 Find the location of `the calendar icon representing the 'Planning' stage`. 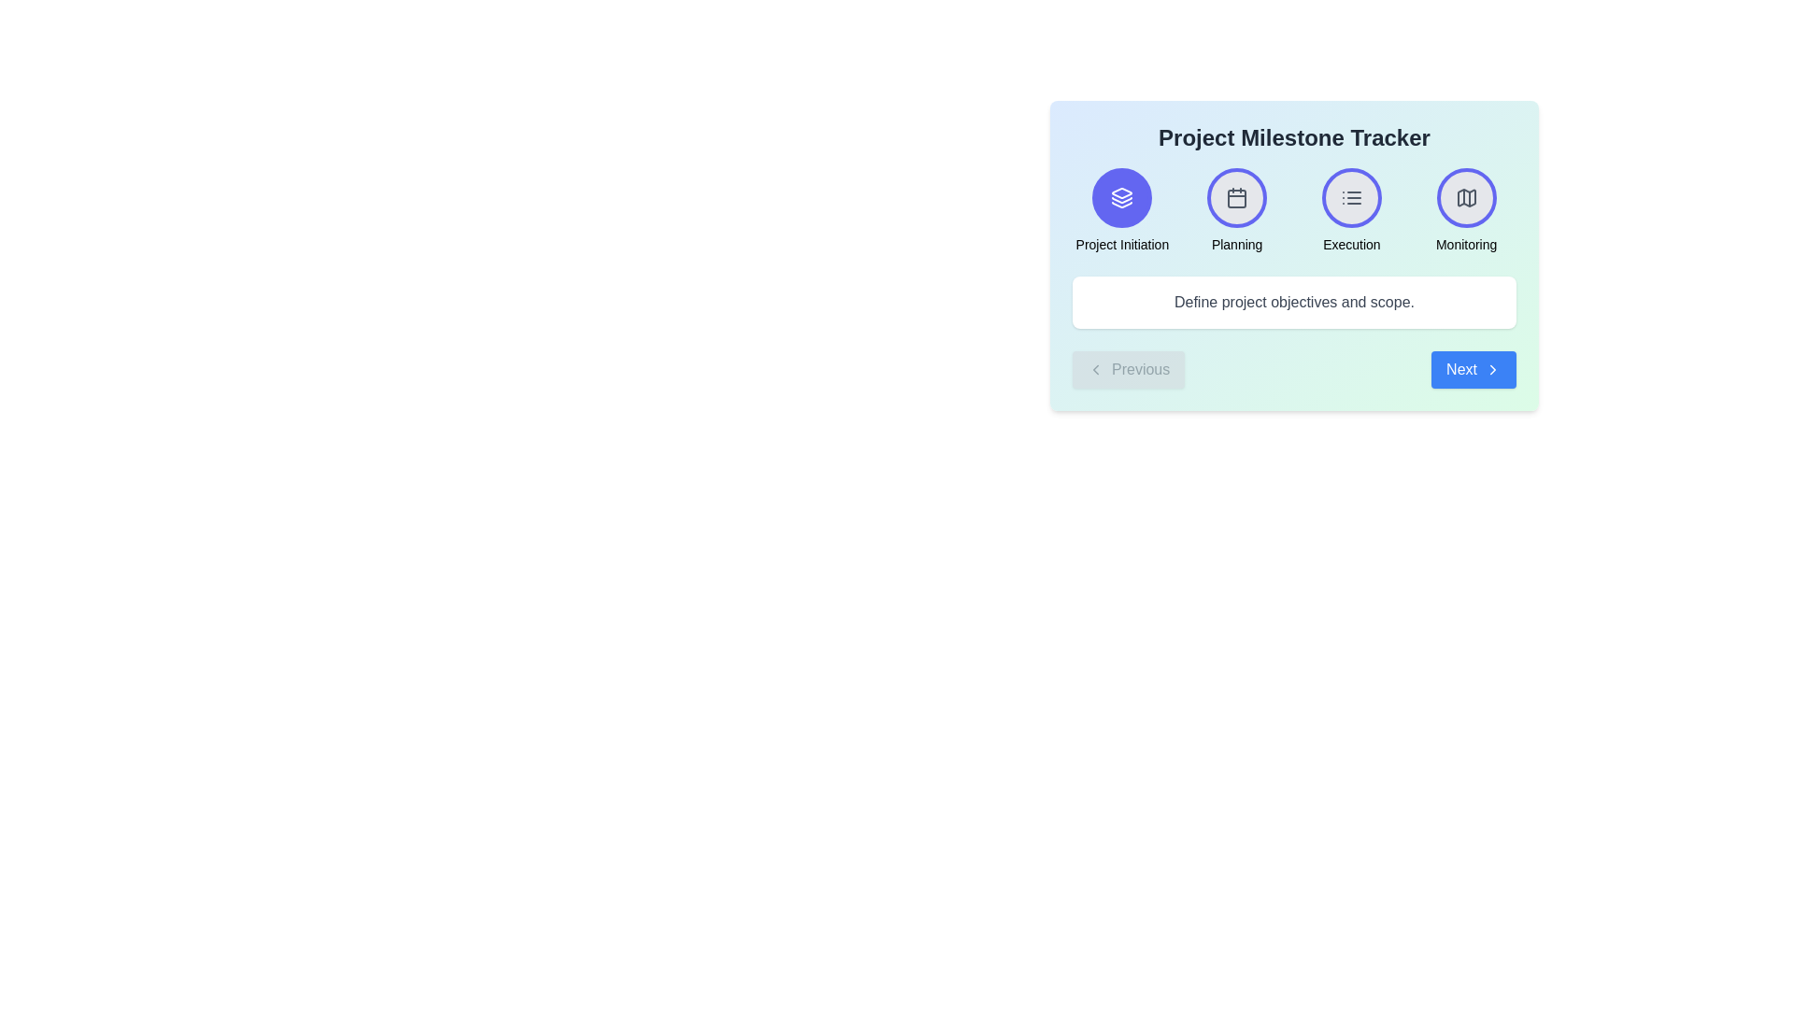

the calendar icon representing the 'Planning' stage is located at coordinates (1237, 198).